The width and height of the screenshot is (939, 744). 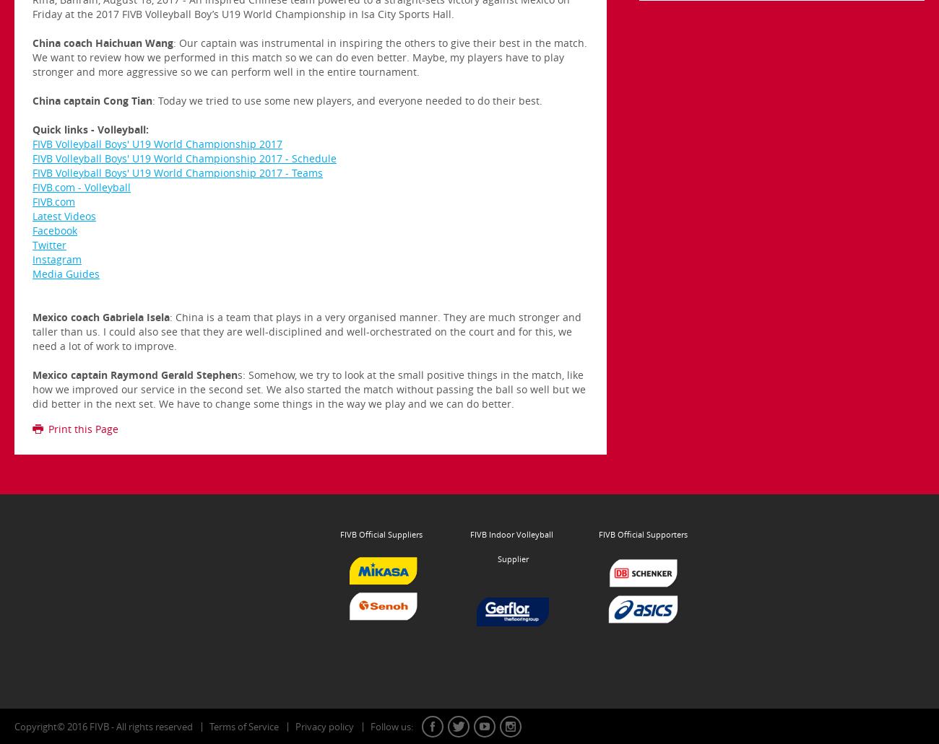 I want to click on 'Follow us:', so click(x=391, y=725).